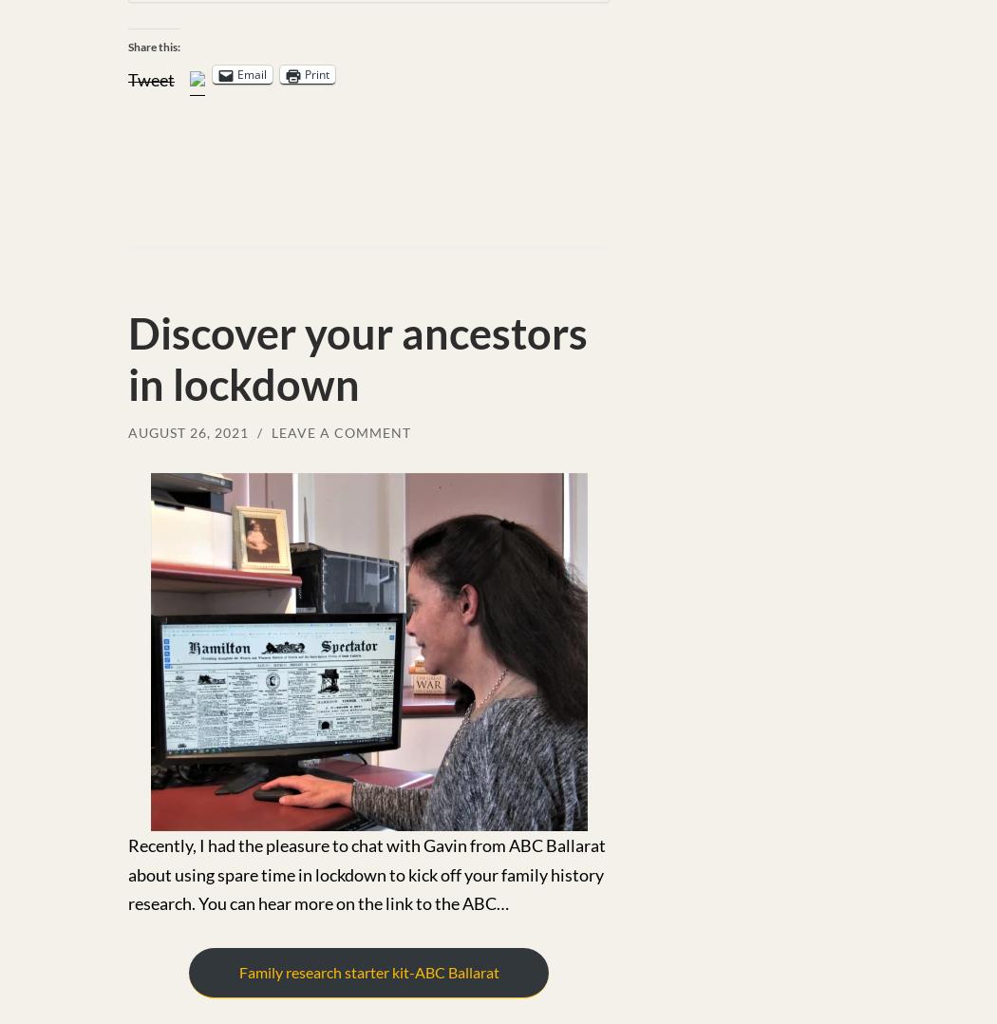 The height and width of the screenshot is (1024, 997). I want to click on 'Leave a comment', so click(340, 431).